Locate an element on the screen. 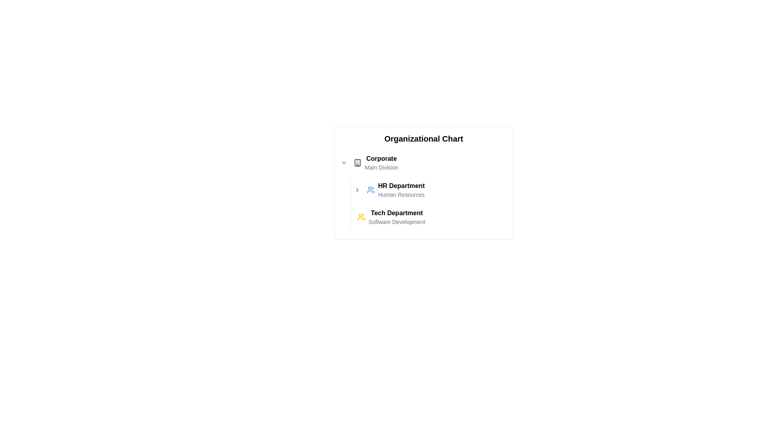  the organizational chart element, which includes 'HR Department' and 'Tech Department' titles is located at coordinates (423, 190).